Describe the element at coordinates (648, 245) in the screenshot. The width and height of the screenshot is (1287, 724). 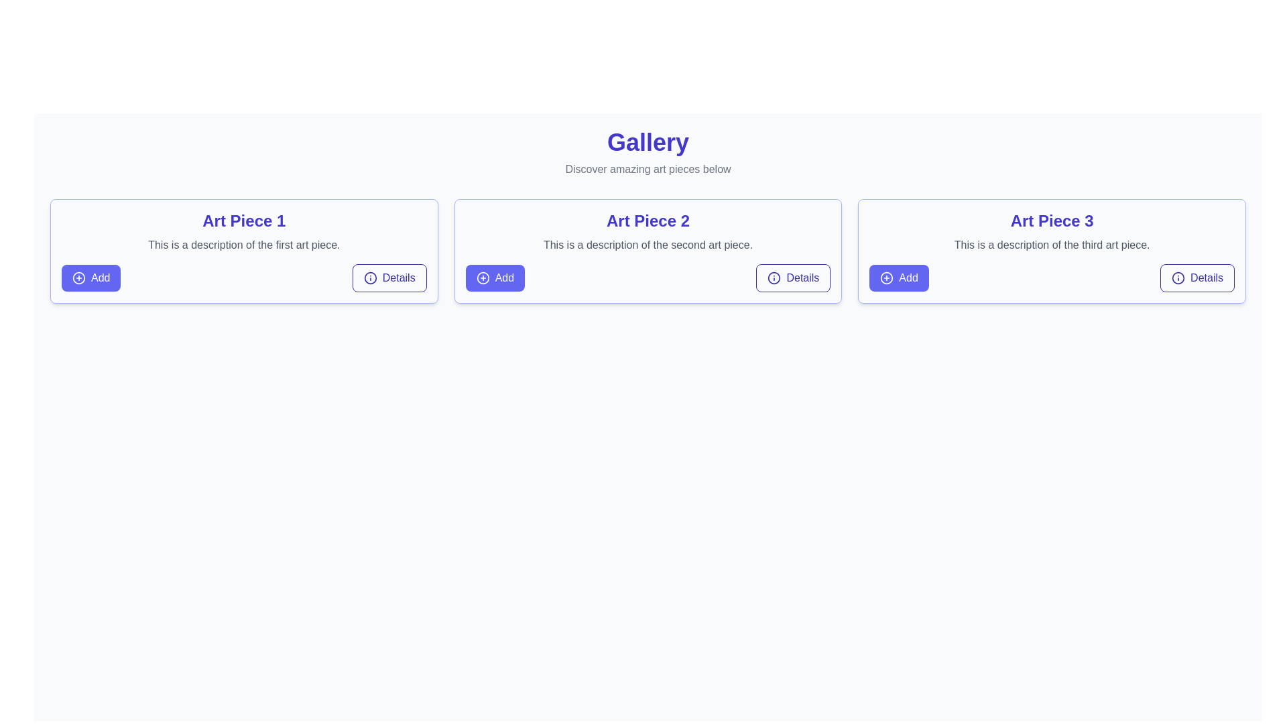
I see `the Text Label located in the center card under the title 'Art Piece 2' and above the buttons 'Add' and 'Details'` at that location.